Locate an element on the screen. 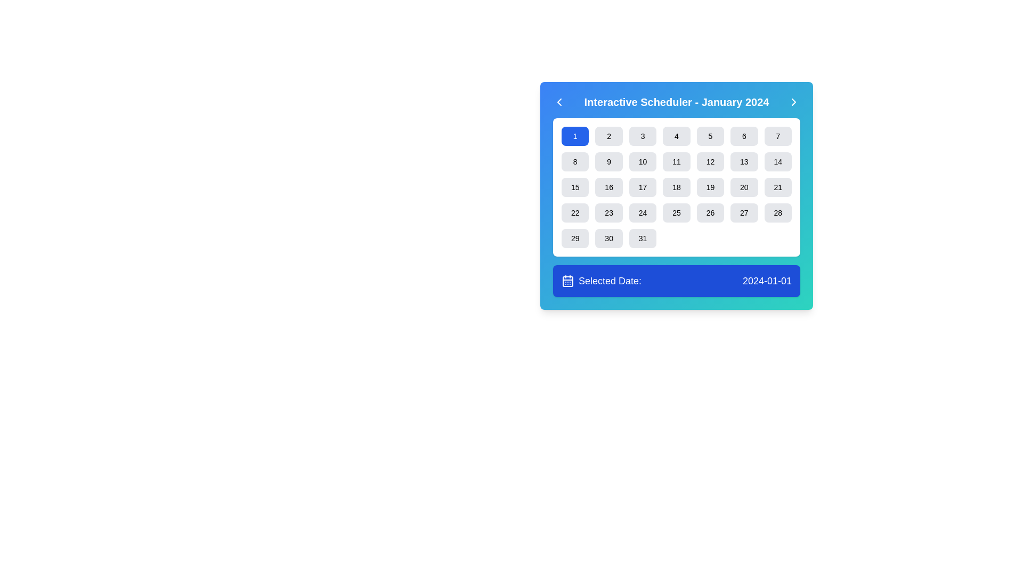 The width and height of the screenshot is (1023, 575). the next month navigation icon located at the top-right corner of the calendar interface next to the header 'Interactive Scheduler - January 2024' is located at coordinates (793, 102).